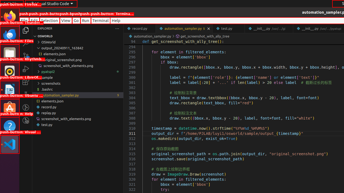  I want to click on 'Run', so click(85, 20).